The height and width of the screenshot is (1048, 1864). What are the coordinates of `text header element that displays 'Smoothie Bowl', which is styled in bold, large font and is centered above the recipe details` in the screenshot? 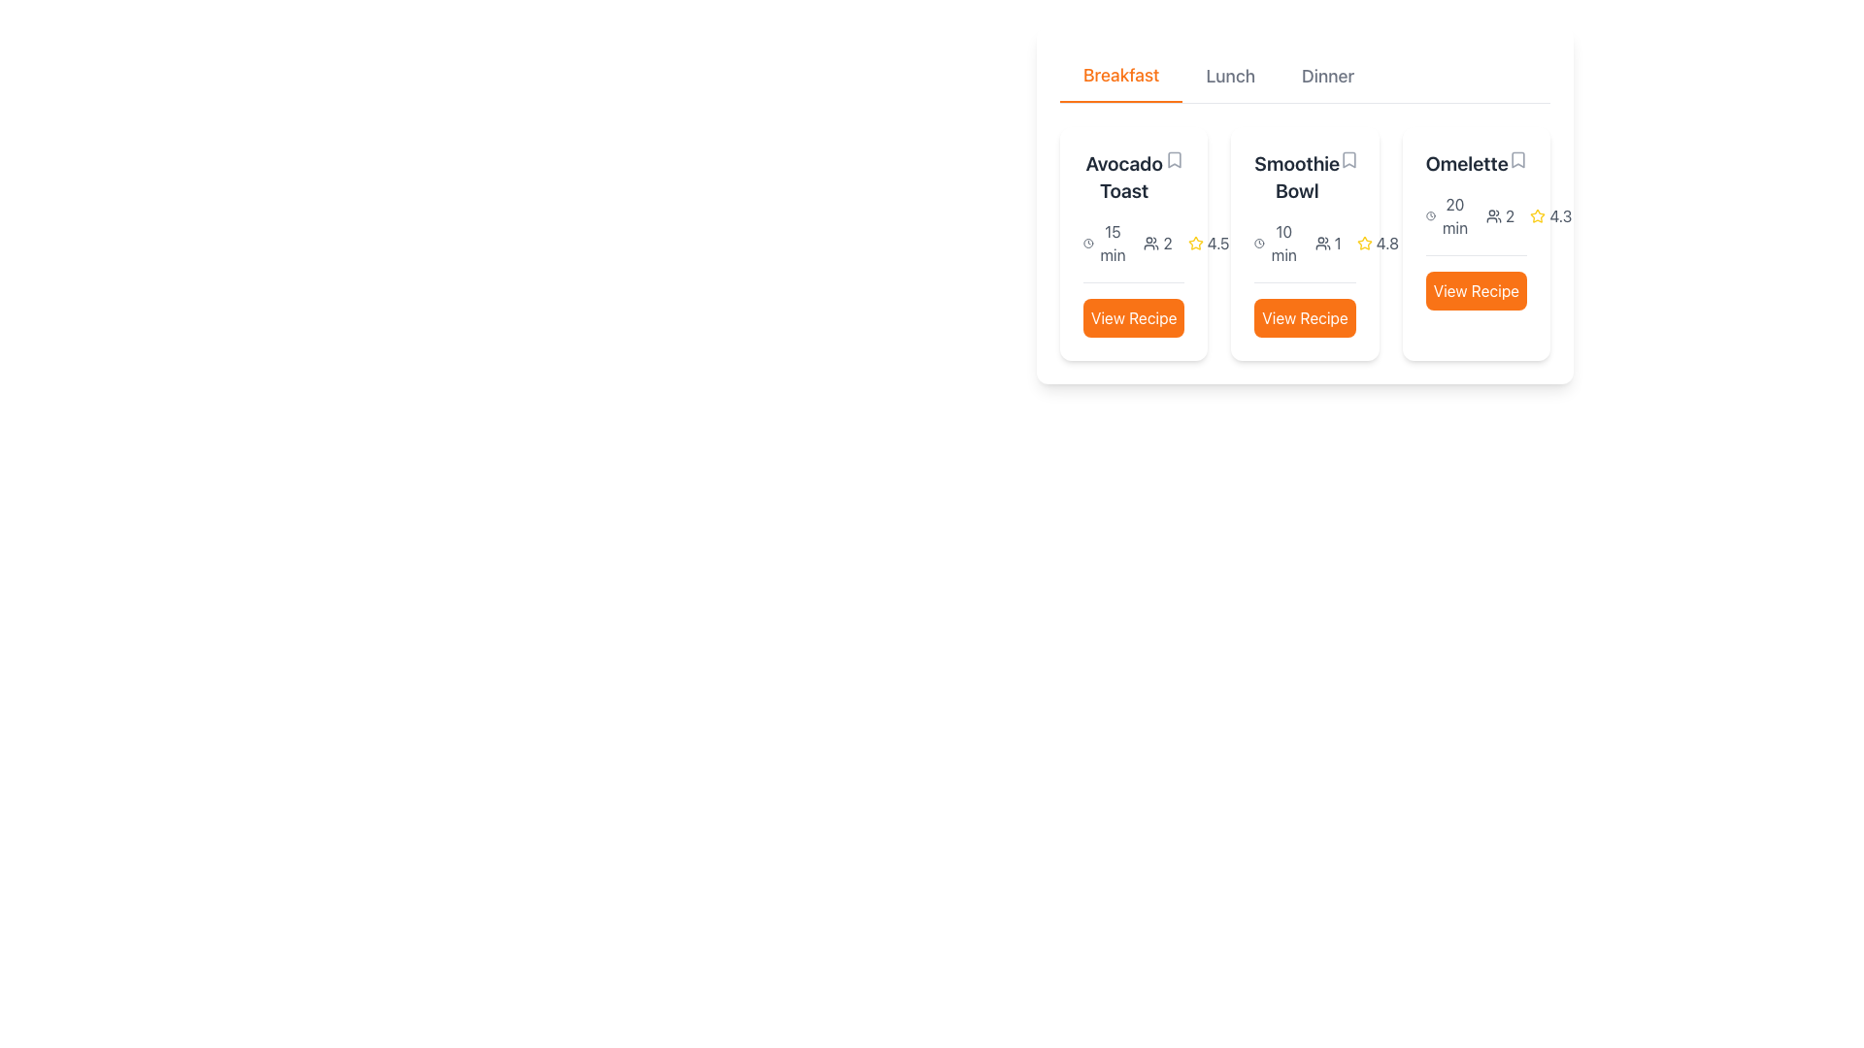 It's located at (1297, 177).